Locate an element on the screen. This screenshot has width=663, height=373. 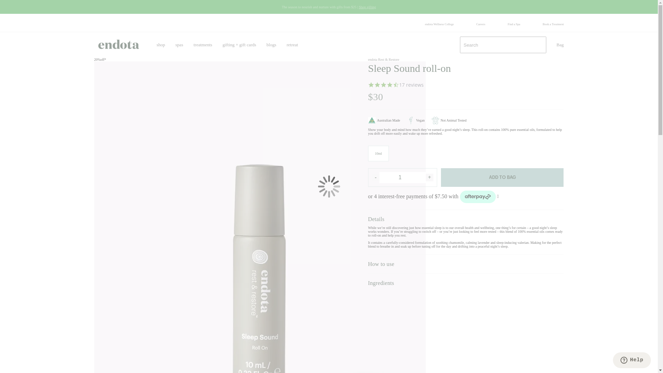
'spas' is located at coordinates (179, 45).